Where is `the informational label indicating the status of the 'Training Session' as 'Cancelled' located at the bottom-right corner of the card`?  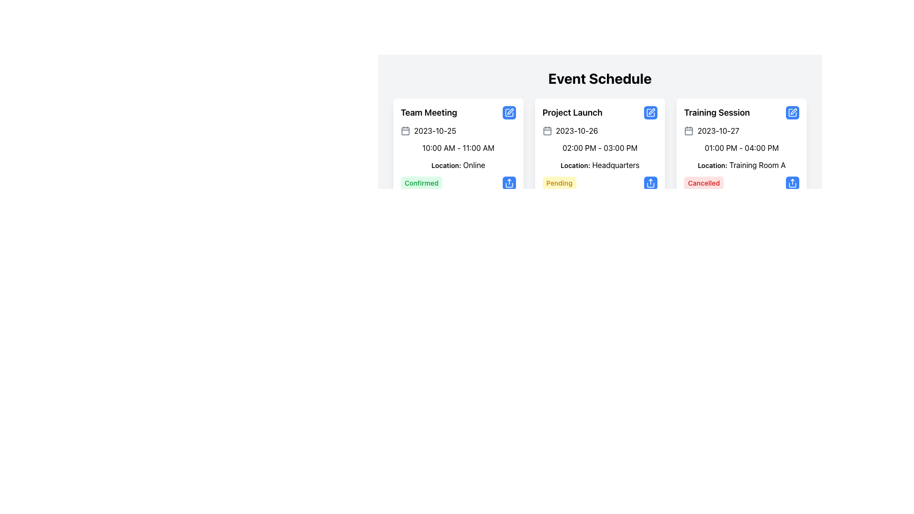
the informational label indicating the status of the 'Training Session' as 'Cancelled' located at the bottom-right corner of the card is located at coordinates (704, 183).